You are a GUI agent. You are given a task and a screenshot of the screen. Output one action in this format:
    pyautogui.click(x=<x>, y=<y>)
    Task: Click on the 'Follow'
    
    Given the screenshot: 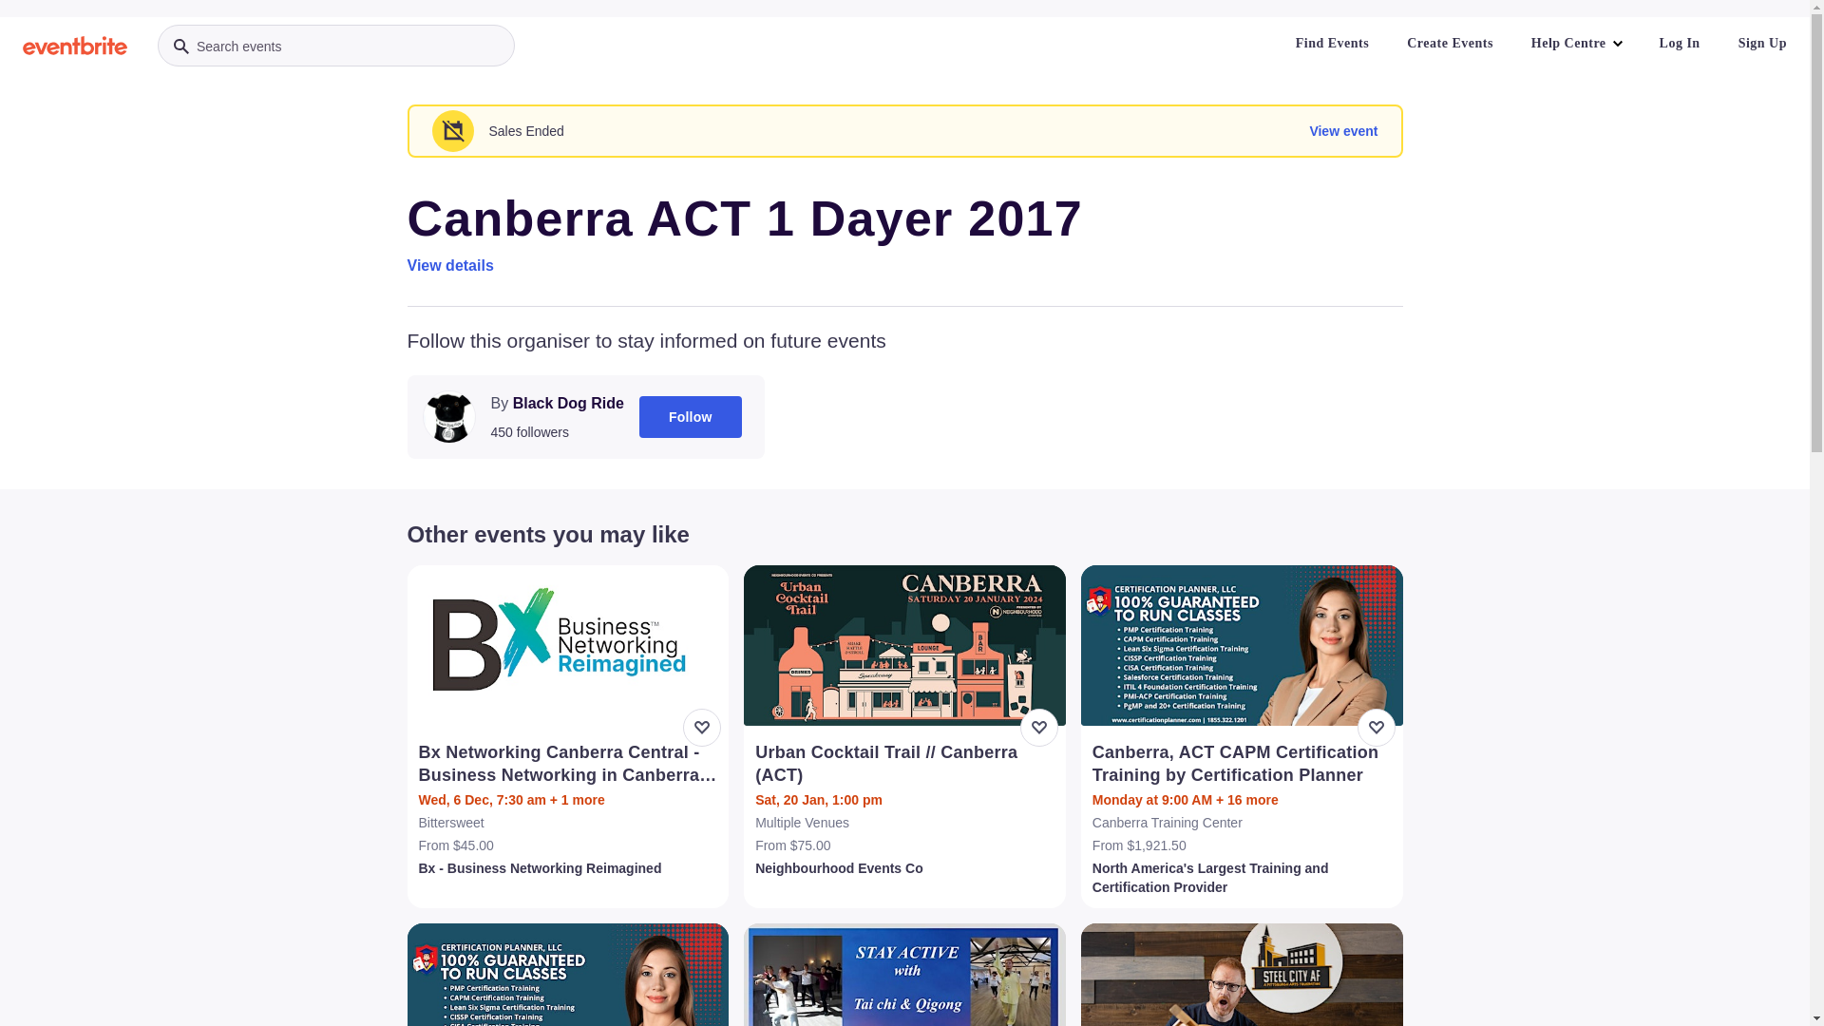 What is the action you would take?
    pyautogui.click(x=638, y=416)
    